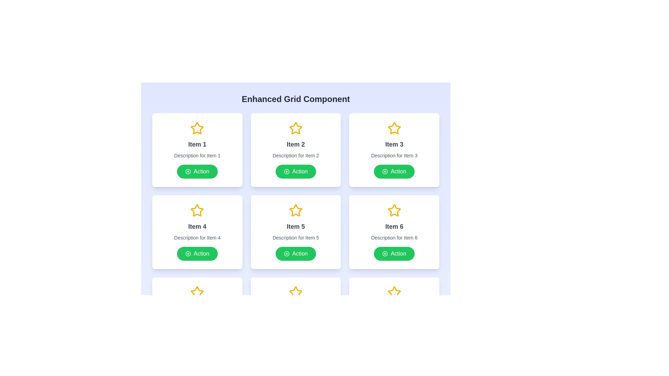 Image resolution: width=669 pixels, height=376 pixels. Describe the element at coordinates (394, 254) in the screenshot. I see `the button located in the third row and third column of the grid layout, which is part of the 'Item 6' card` at that location.